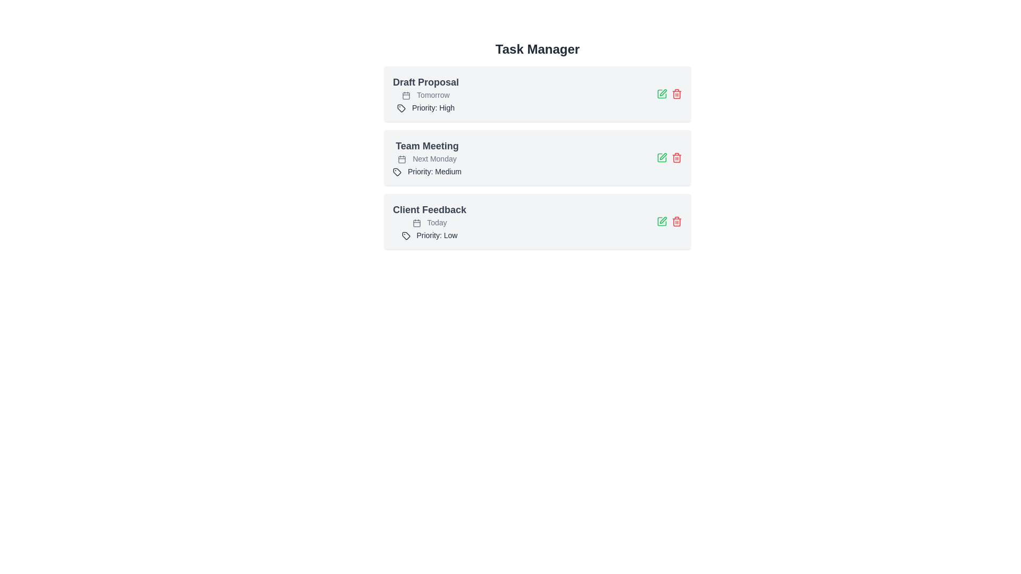 This screenshot has height=574, width=1021. What do you see at coordinates (429, 222) in the screenshot?
I see `the static text label displaying 'Today' located within the 'Client Feedback' card under the 'Task Manager' section, positioned next to the calendar icon` at bounding box center [429, 222].